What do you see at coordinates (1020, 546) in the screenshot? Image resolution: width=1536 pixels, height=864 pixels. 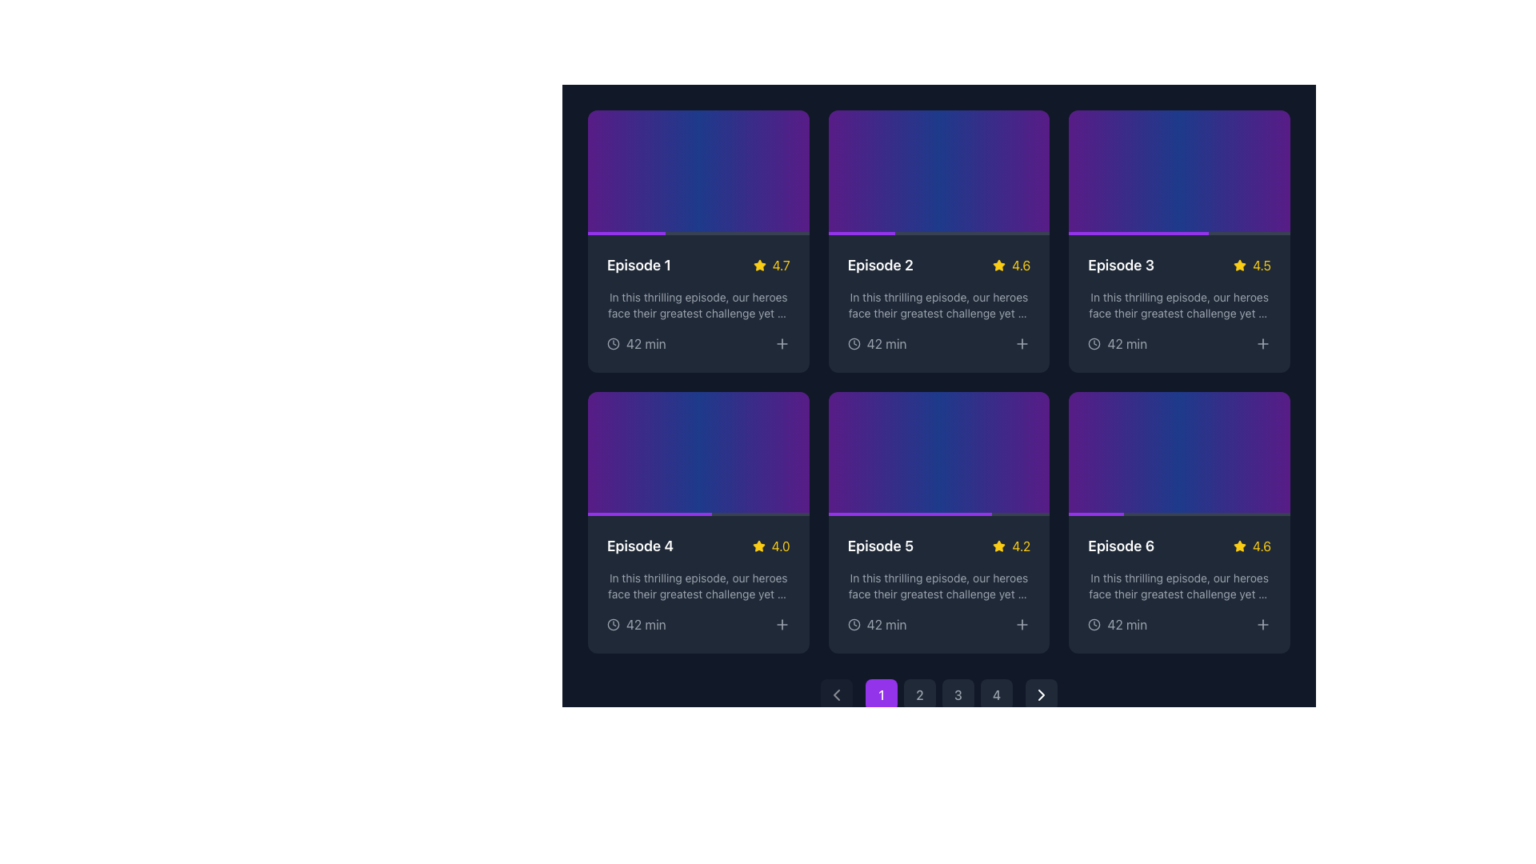 I see `the text label displaying the numerical rating '4.2' which is located in the fifth card of a grid layout, positioned to the right of the star icon in the rating section` at bounding box center [1020, 546].